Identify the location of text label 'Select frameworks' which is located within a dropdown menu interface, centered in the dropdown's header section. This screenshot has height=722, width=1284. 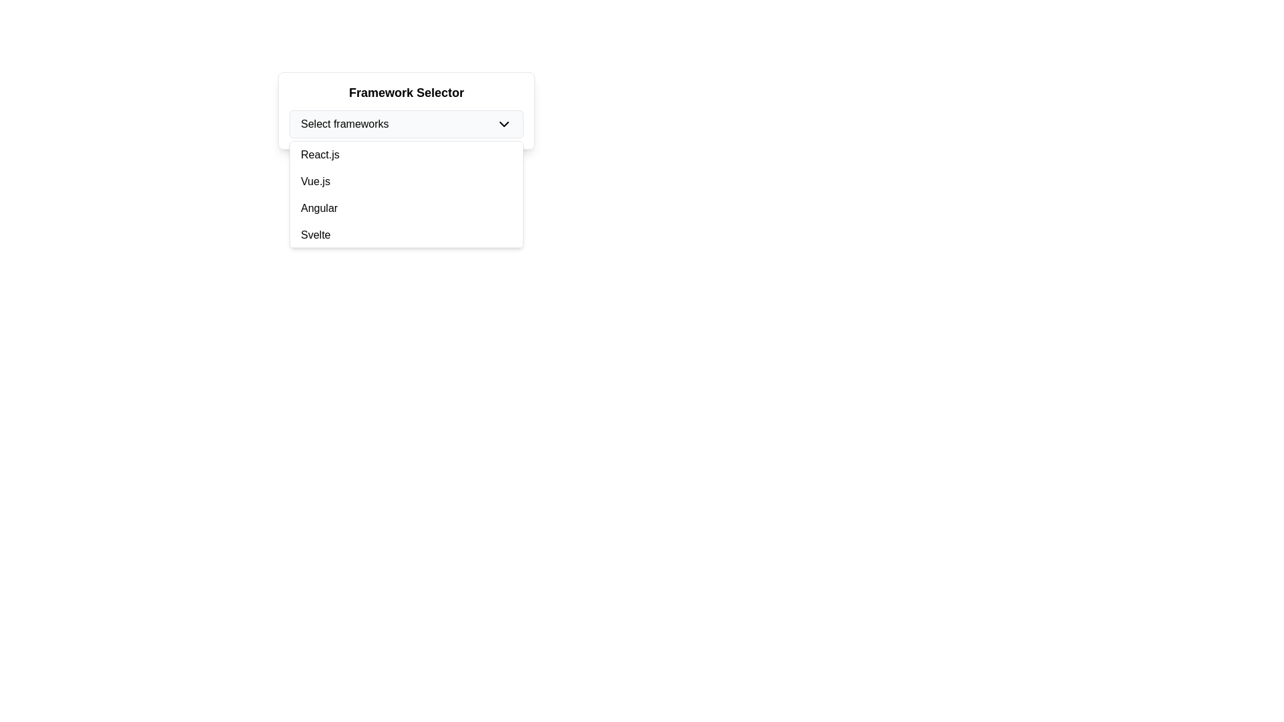
(344, 124).